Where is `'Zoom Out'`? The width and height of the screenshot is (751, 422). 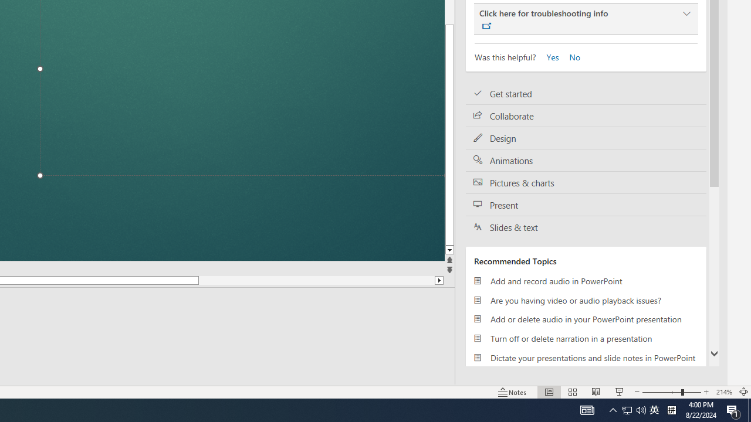 'Zoom Out' is located at coordinates (661, 392).